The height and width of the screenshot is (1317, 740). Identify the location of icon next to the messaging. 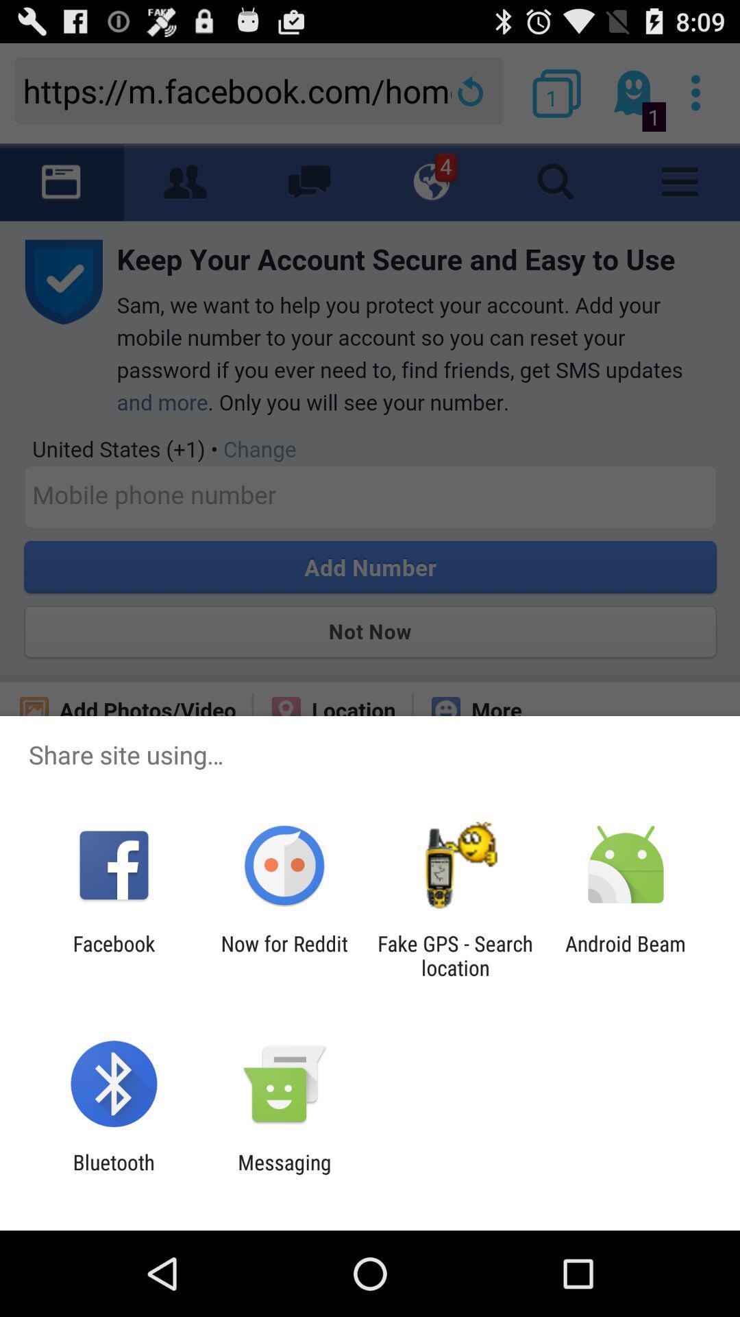
(113, 1174).